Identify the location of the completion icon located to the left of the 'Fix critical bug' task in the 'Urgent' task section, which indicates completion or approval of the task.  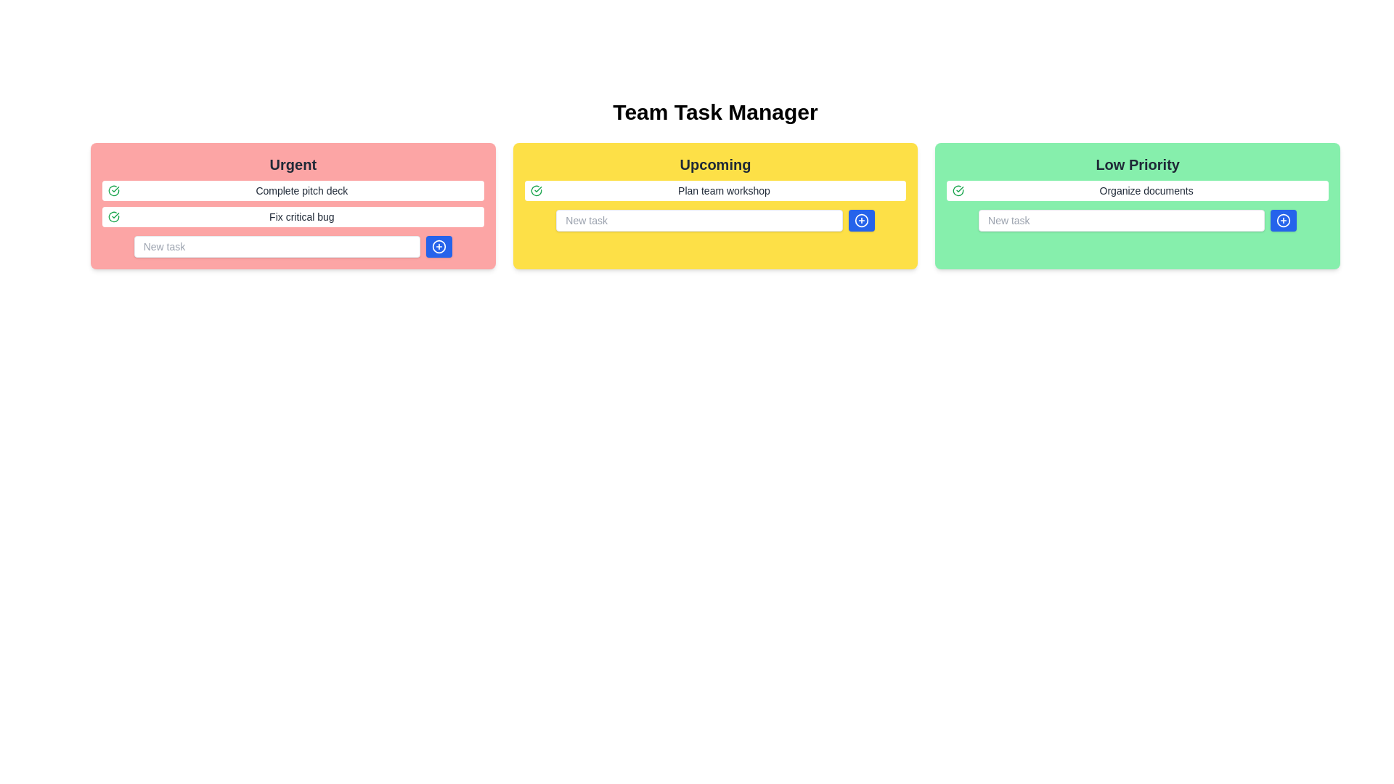
(113, 189).